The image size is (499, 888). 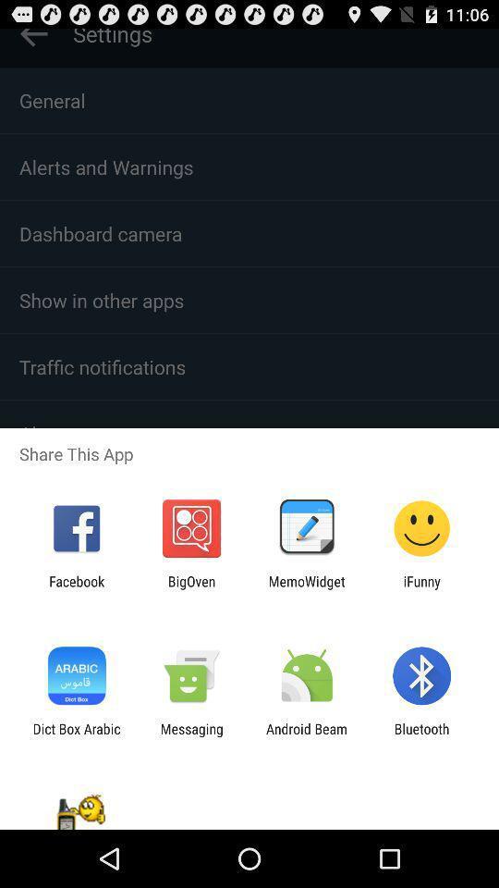 I want to click on facebook item, so click(x=76, y=588).